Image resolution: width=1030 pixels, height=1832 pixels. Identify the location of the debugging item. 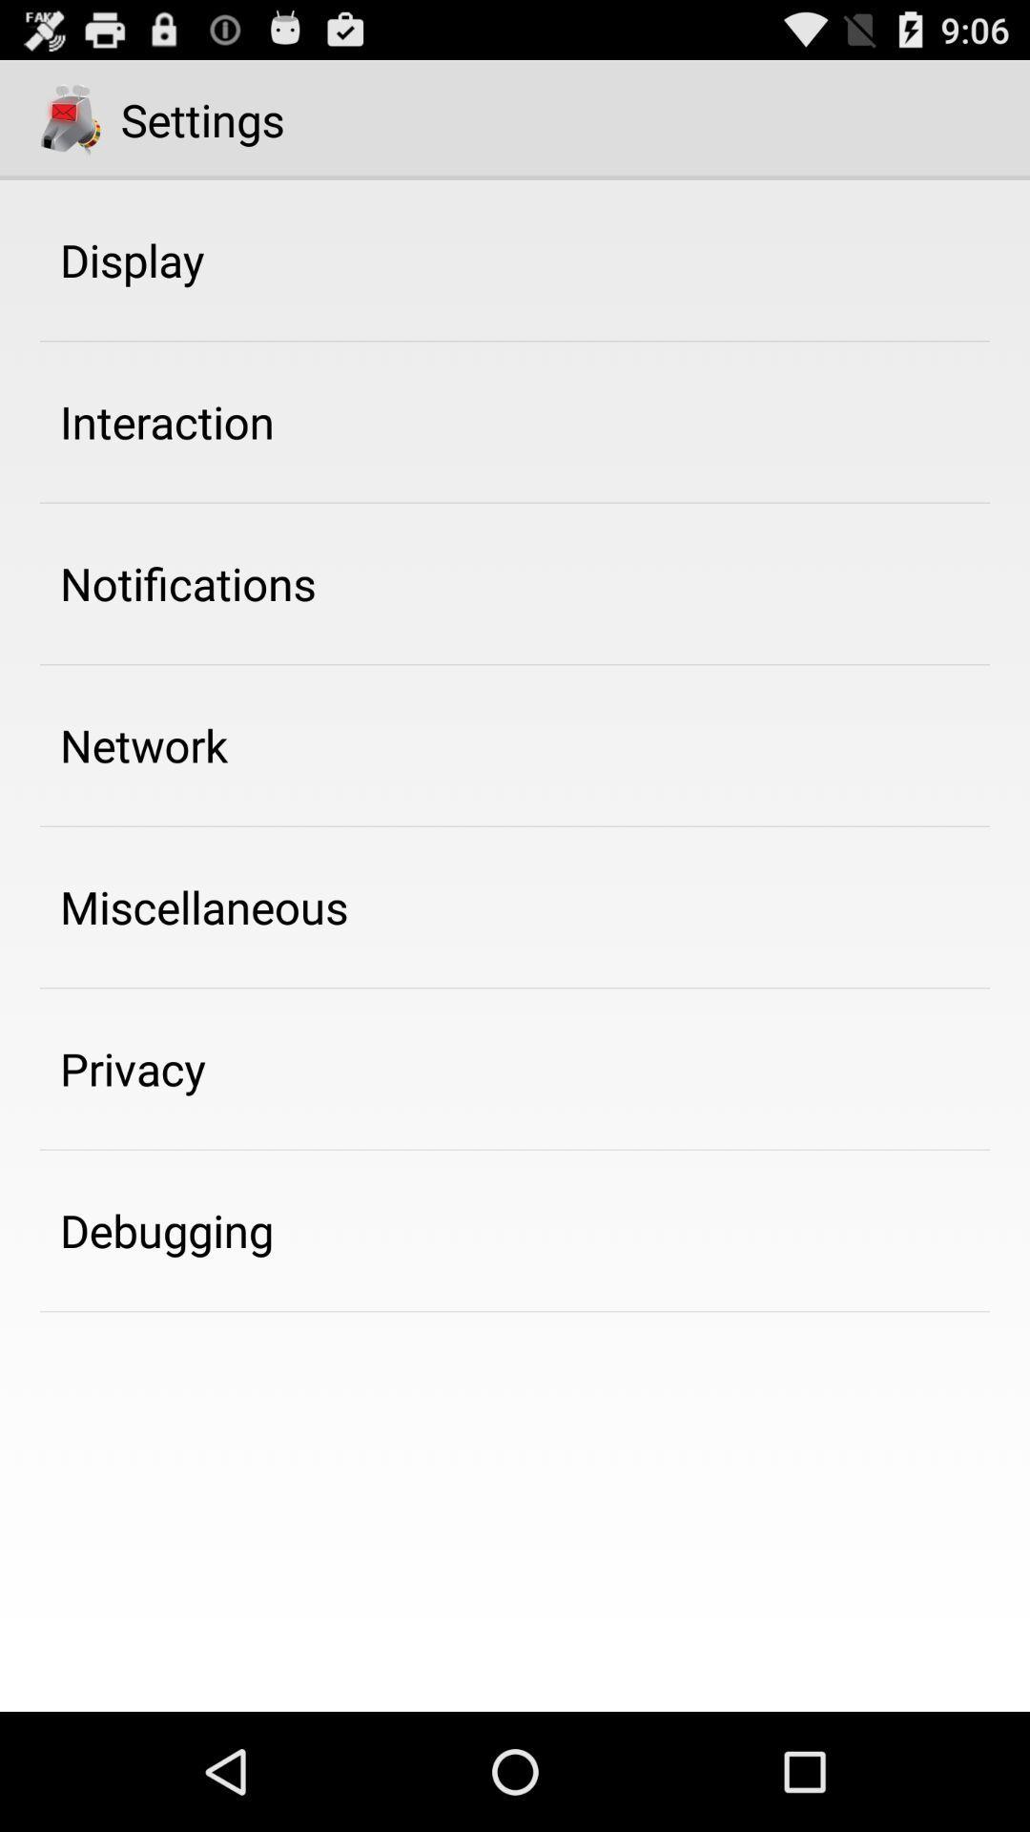
(166, 1230).